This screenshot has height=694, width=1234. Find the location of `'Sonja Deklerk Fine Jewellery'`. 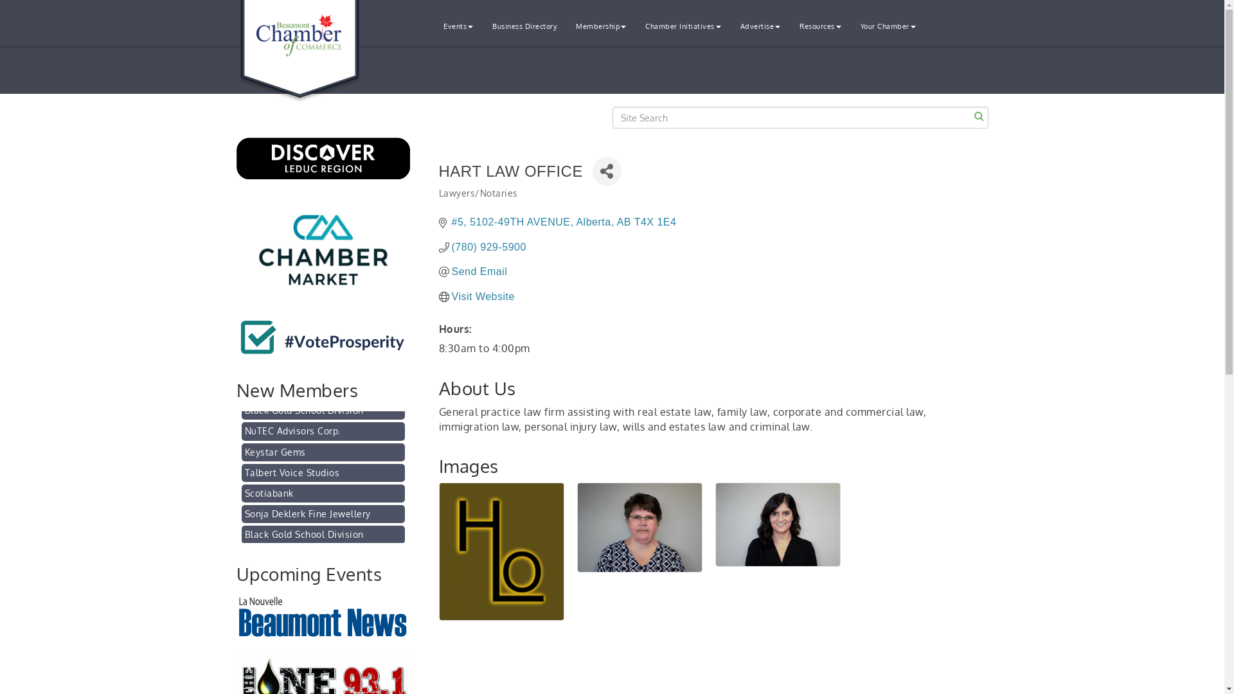

'Sonja Deklerk Fine Jewellery' is located at coordinates (323, 533).